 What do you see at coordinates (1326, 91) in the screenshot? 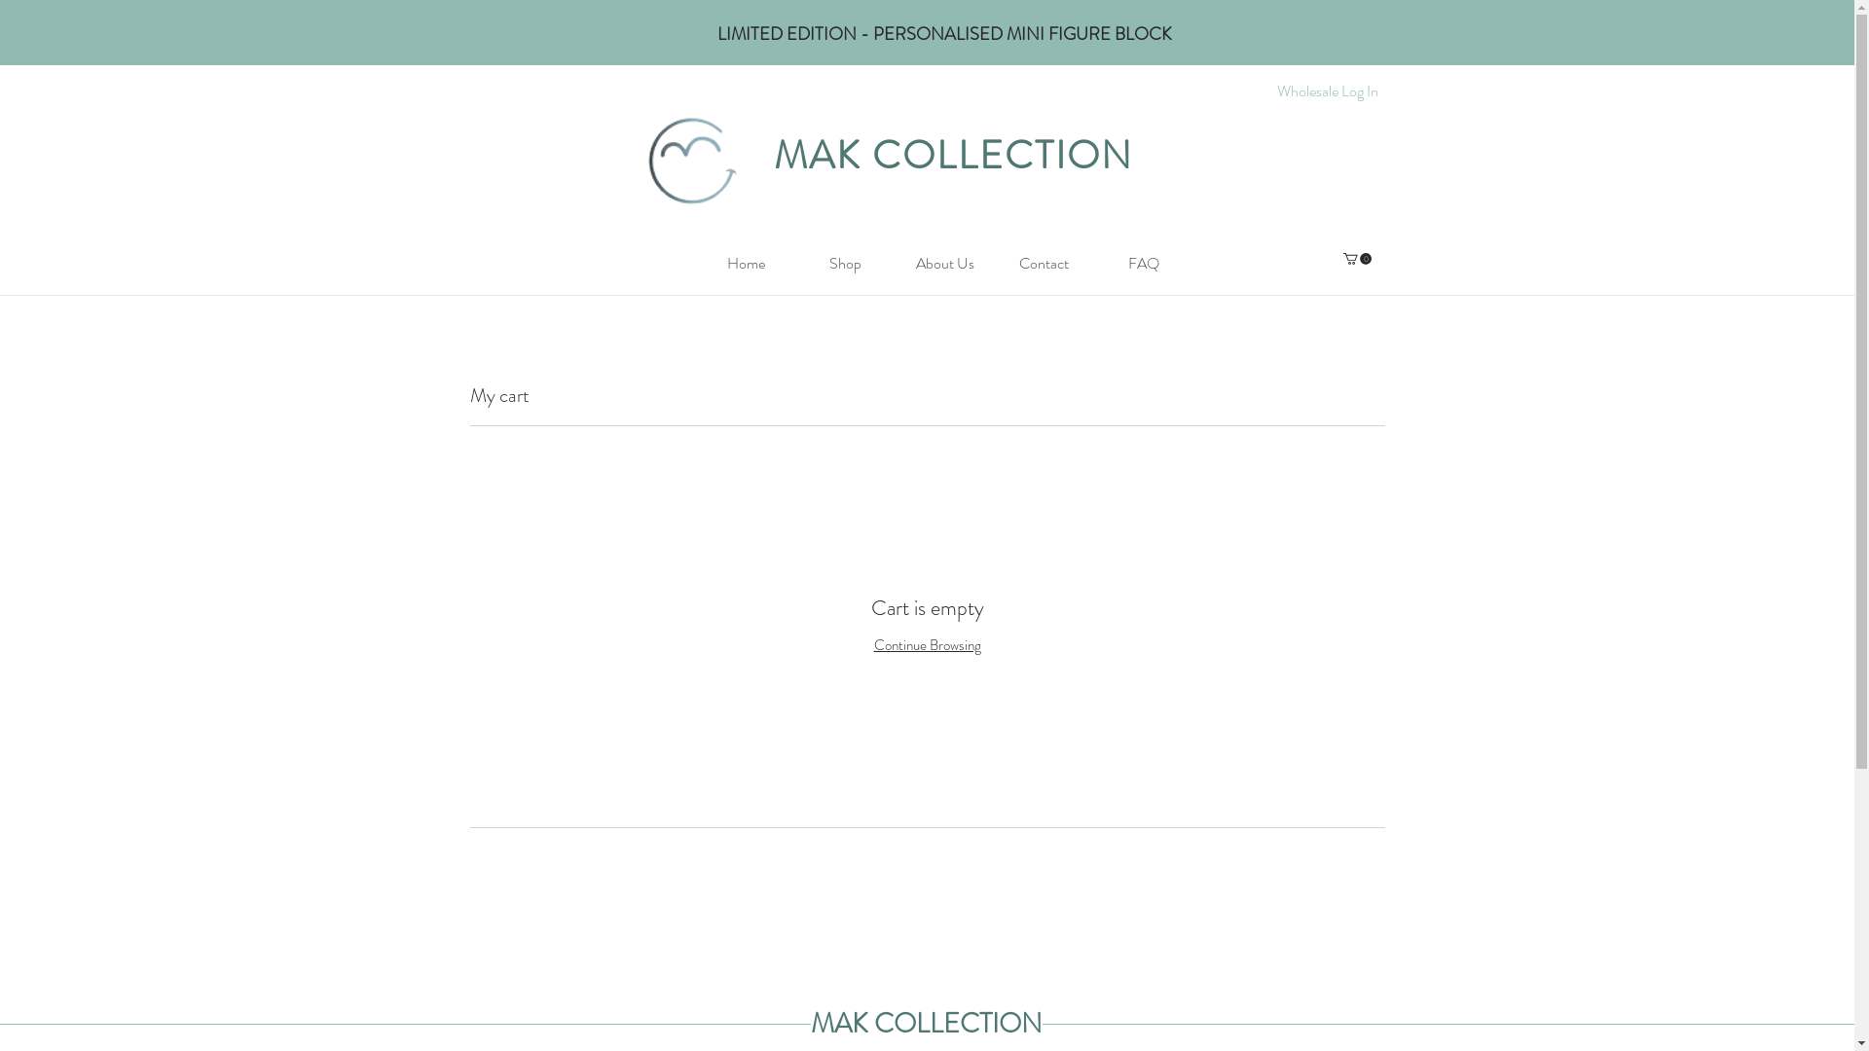
I see `'Wholesale Log In'` at bounding box center [1326, 91].